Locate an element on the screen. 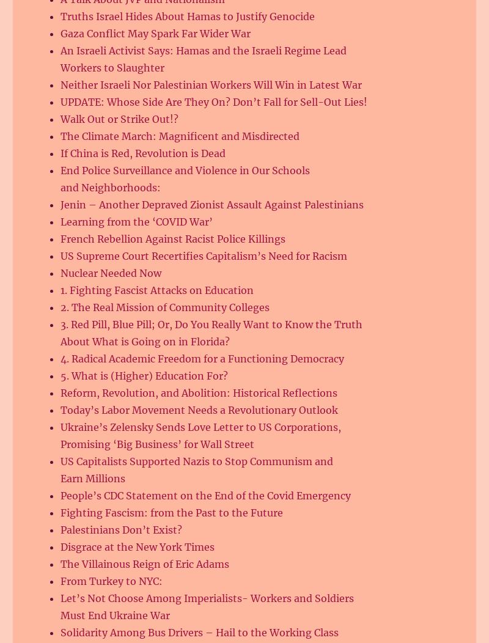 This screenshot has width=489, height=643. 'US Supreme Court Recertifies Capitalism’s Need for Racism' is located at coordinates (203, 255).